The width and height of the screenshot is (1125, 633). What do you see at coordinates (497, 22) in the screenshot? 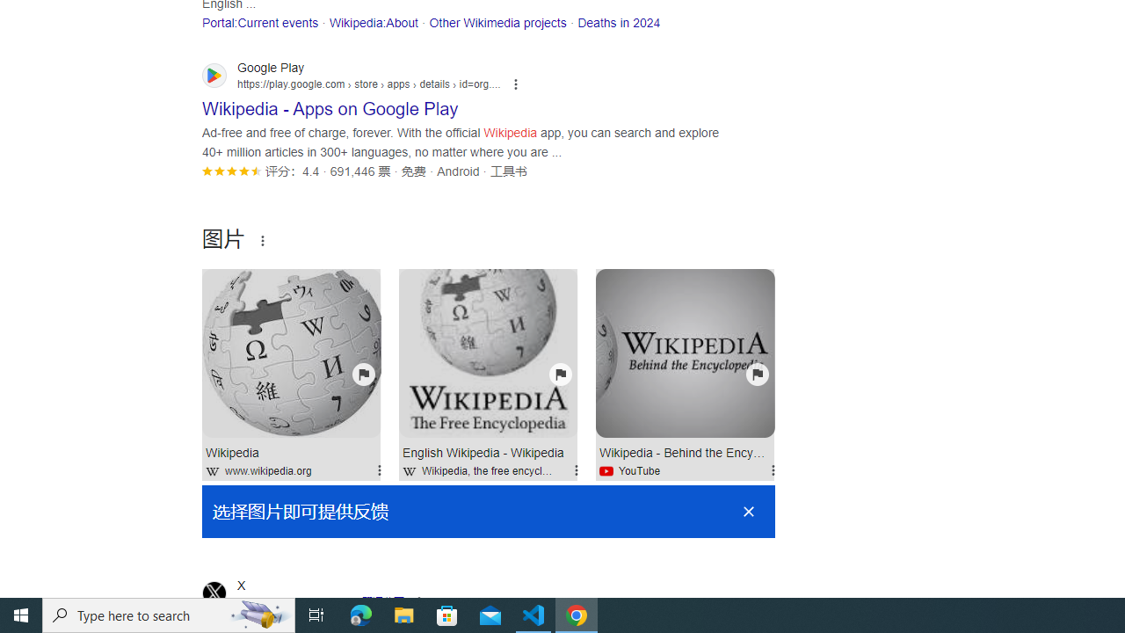
I see `'Other Wikimedia projects'` at bounding box center [497, 22].